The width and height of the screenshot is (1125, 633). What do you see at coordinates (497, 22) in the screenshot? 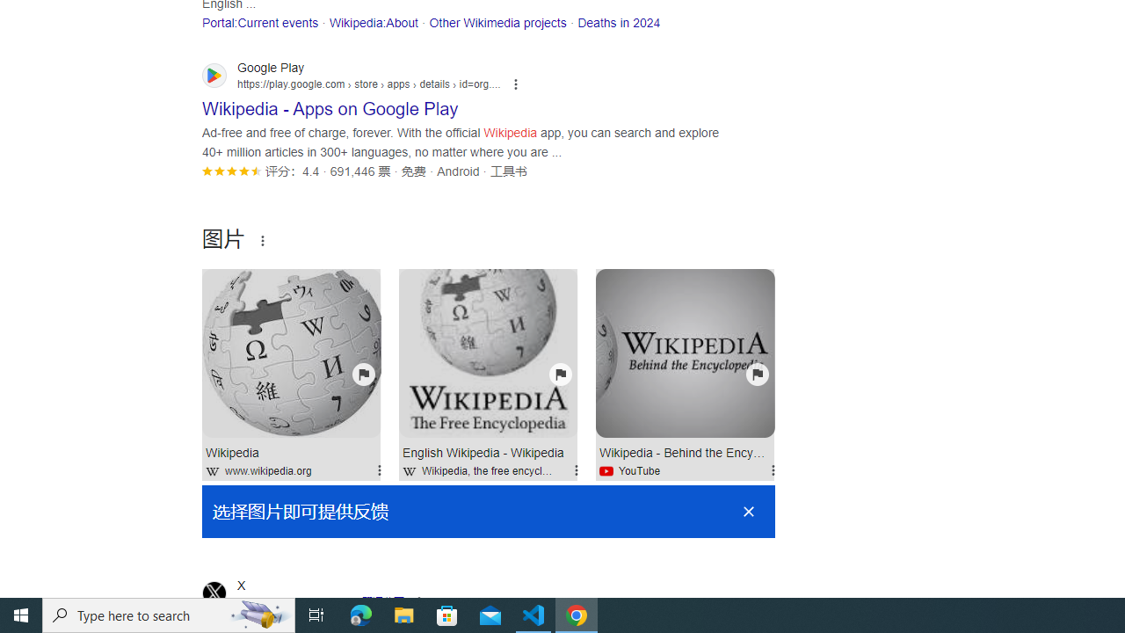
I see `'Other Wikimedia projects'` at bounding box center [497, 22].